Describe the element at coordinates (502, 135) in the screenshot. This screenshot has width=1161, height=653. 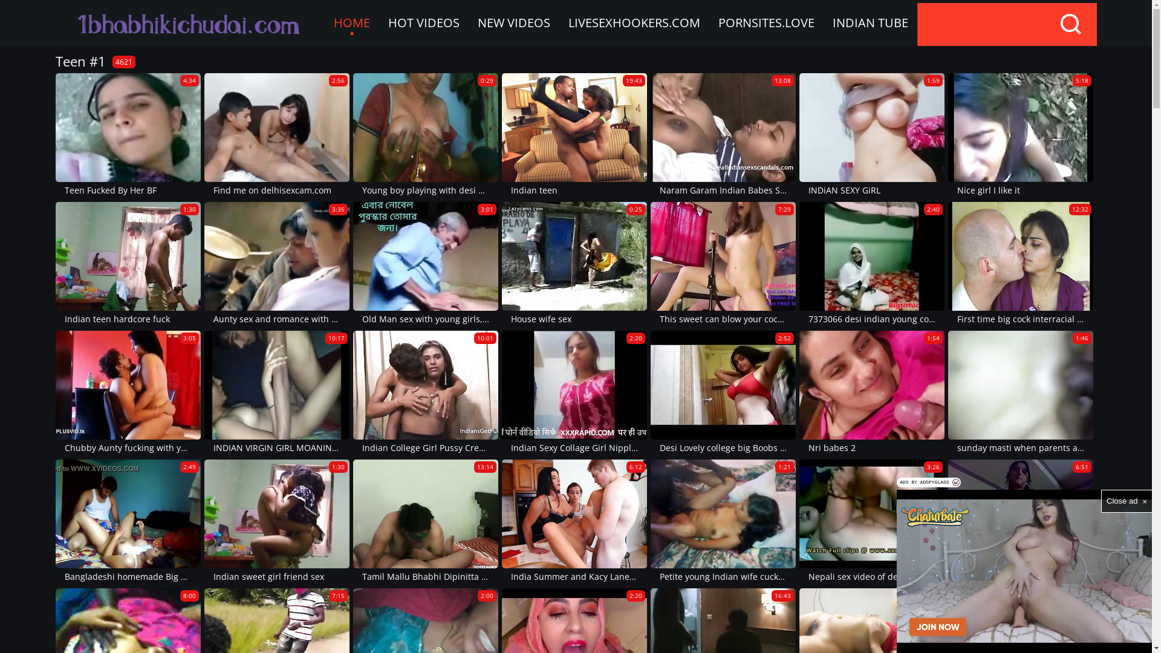
I see `'19:43` at that location.